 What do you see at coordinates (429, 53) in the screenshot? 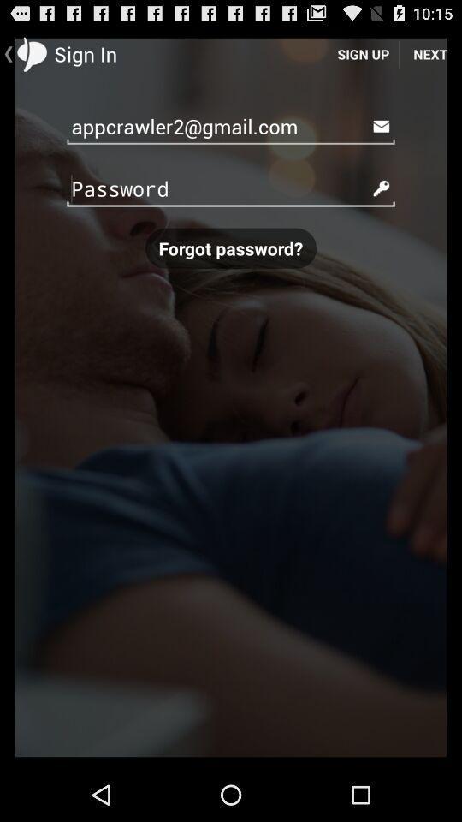
I see `next` at bounding box center [429, 53].